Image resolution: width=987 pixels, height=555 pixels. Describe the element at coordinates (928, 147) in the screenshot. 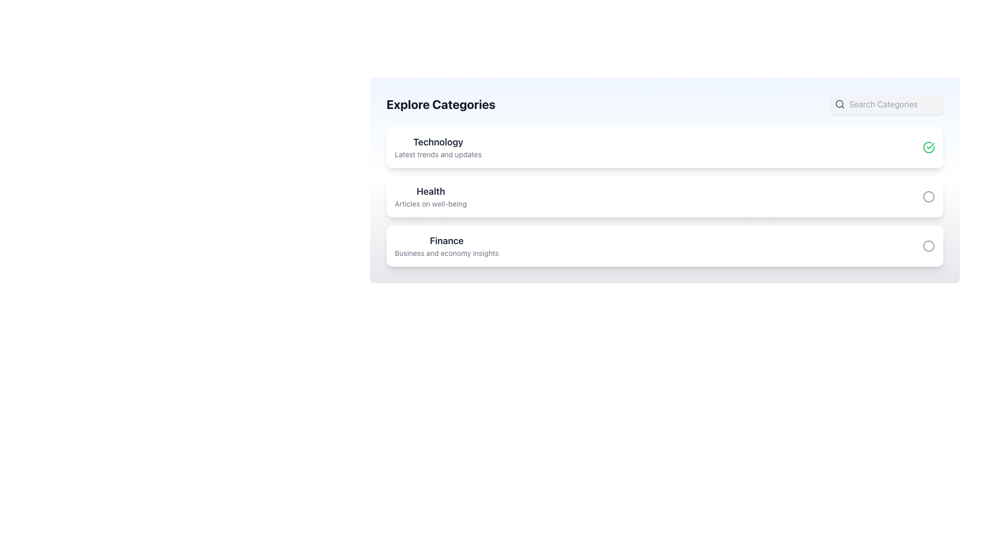

I see `the green circular icon featuring a checkmark located at the top-right corner of the 'Technology' category card` at that location.